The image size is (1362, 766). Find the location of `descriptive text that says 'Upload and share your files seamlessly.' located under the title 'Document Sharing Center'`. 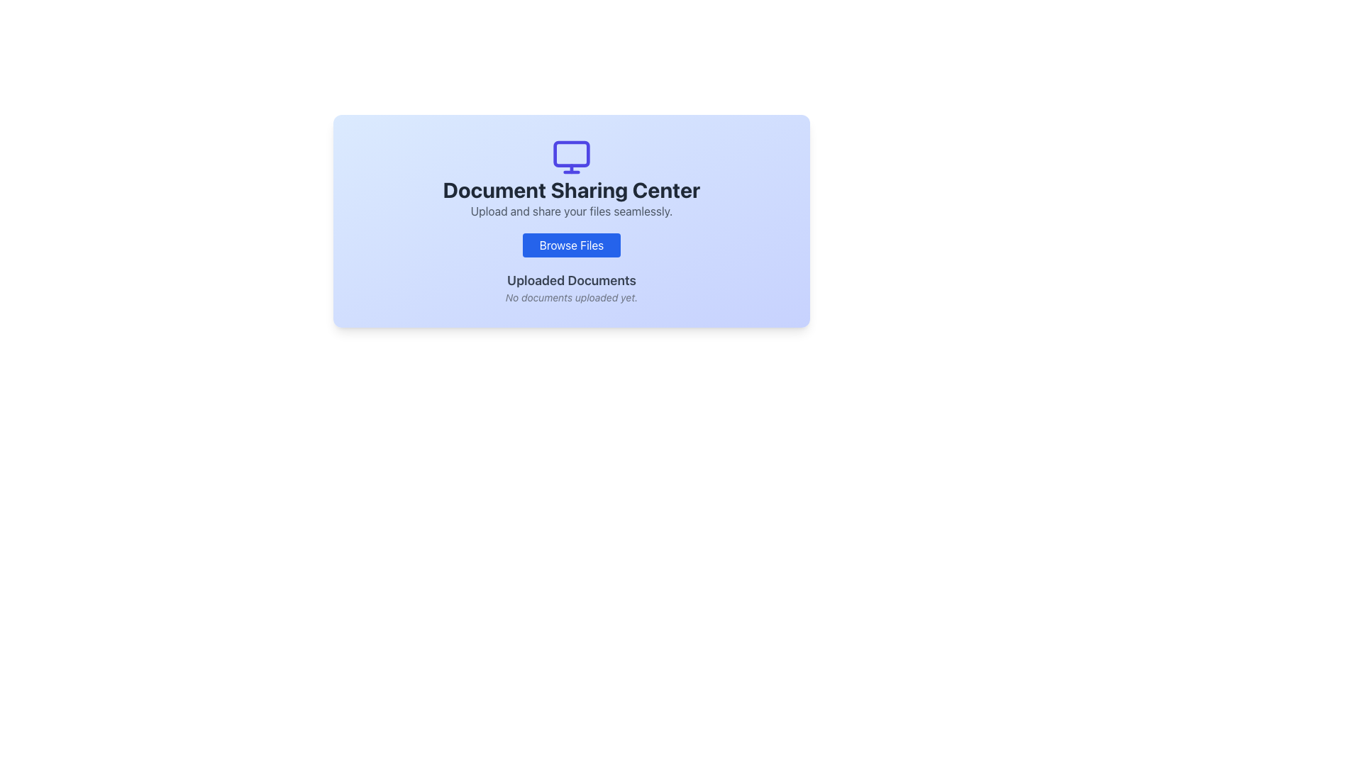

descriptive text that says 'Upload and share your files seamlessly.' located under the title 'Document Sharing Center' is located at coordinates (572, 211).